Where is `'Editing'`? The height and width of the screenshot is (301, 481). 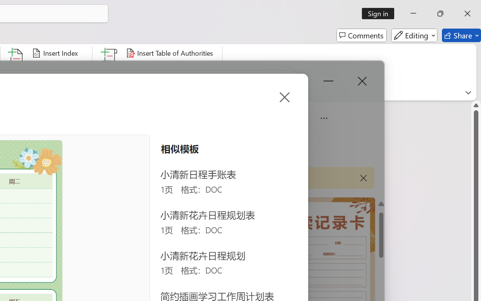 'Editing' is located at coordinates (414, 35).